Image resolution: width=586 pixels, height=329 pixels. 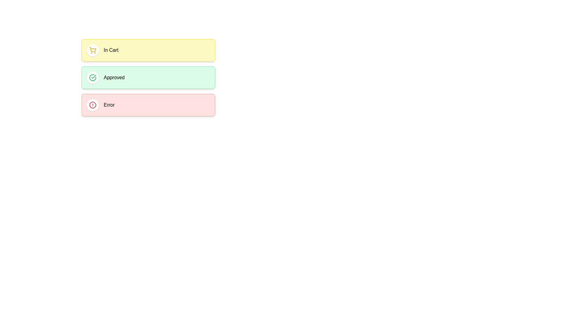 I want to click on the Notification box that serves as an alert for errors, positioned below the 'In Cart' and 'Approved' boxes, so click(x=148, y=104).